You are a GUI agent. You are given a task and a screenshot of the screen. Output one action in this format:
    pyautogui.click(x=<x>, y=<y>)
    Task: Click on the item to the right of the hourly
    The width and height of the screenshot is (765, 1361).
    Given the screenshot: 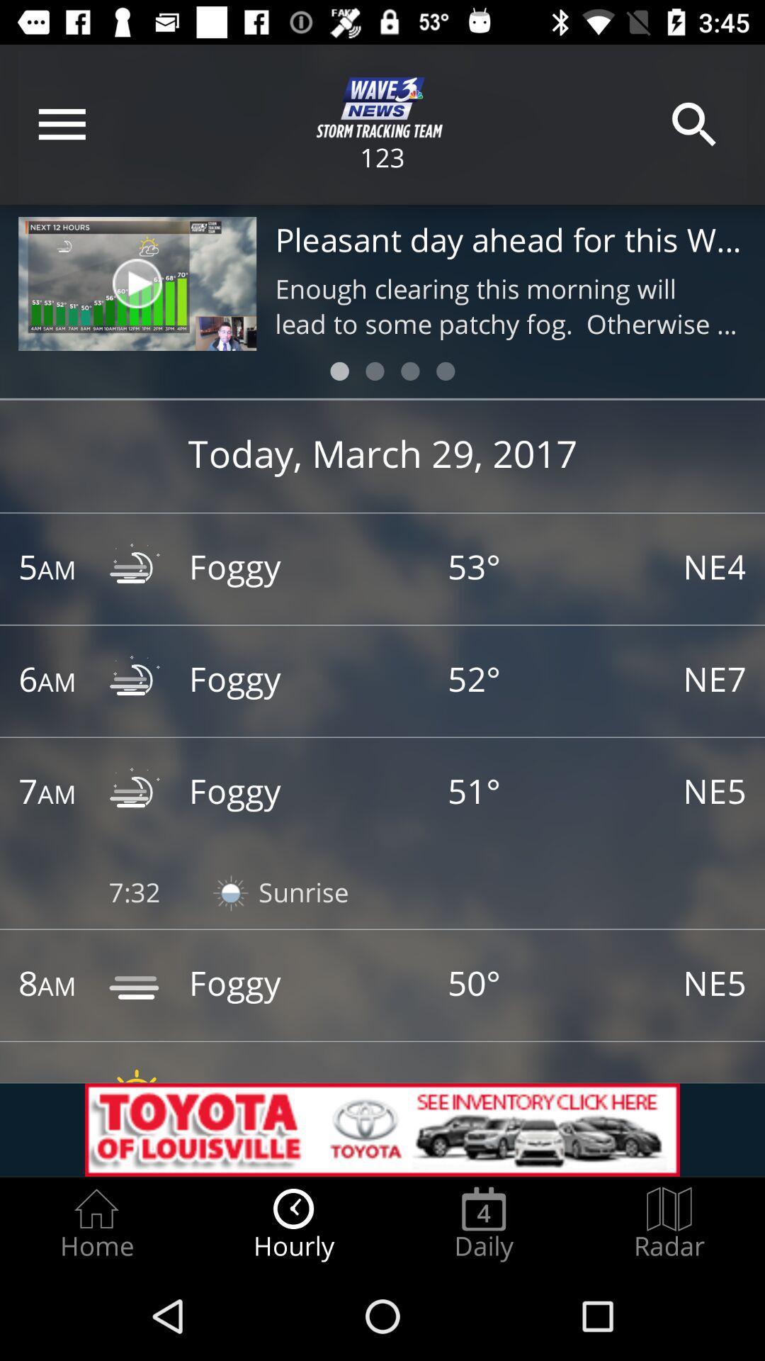 What is the action you would take?
    pyautogui.click(x=483, y=1223)
    